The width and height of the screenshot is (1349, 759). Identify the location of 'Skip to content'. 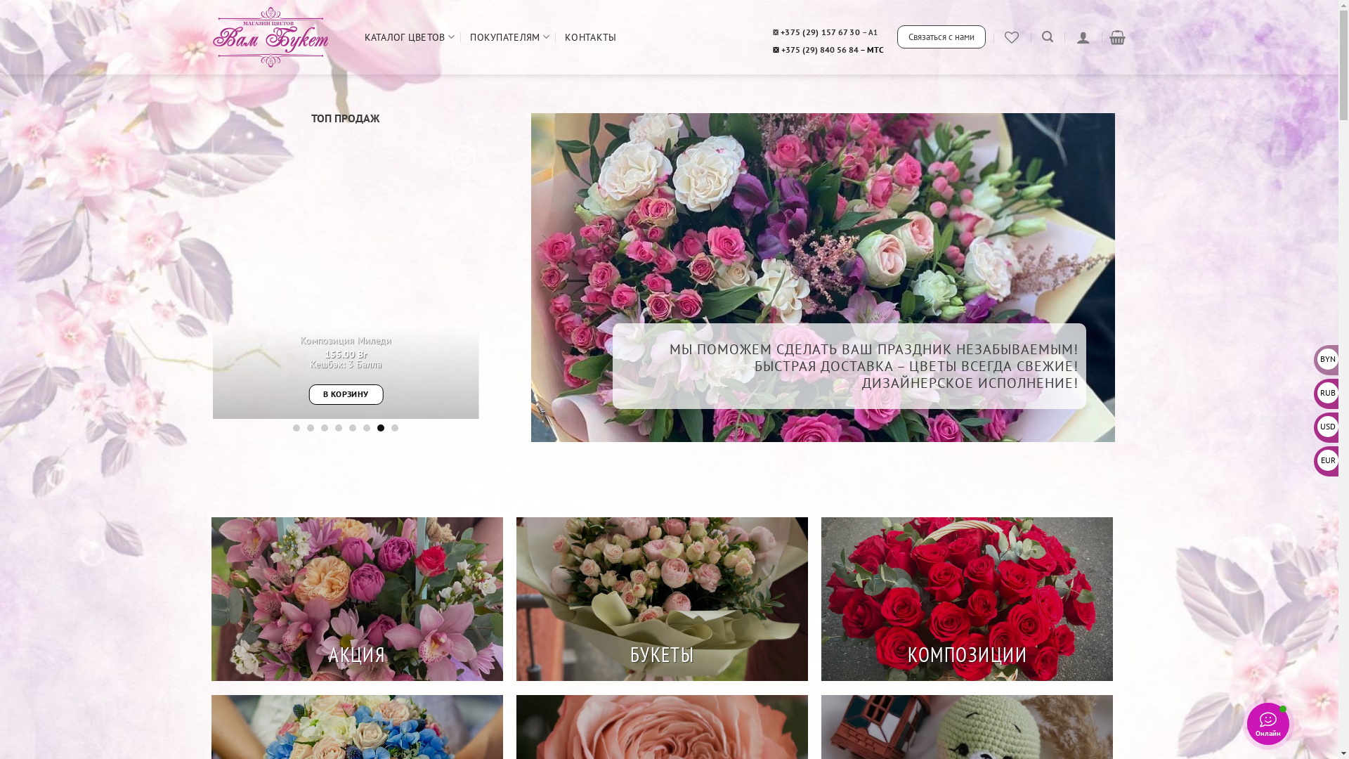
(0, 0).